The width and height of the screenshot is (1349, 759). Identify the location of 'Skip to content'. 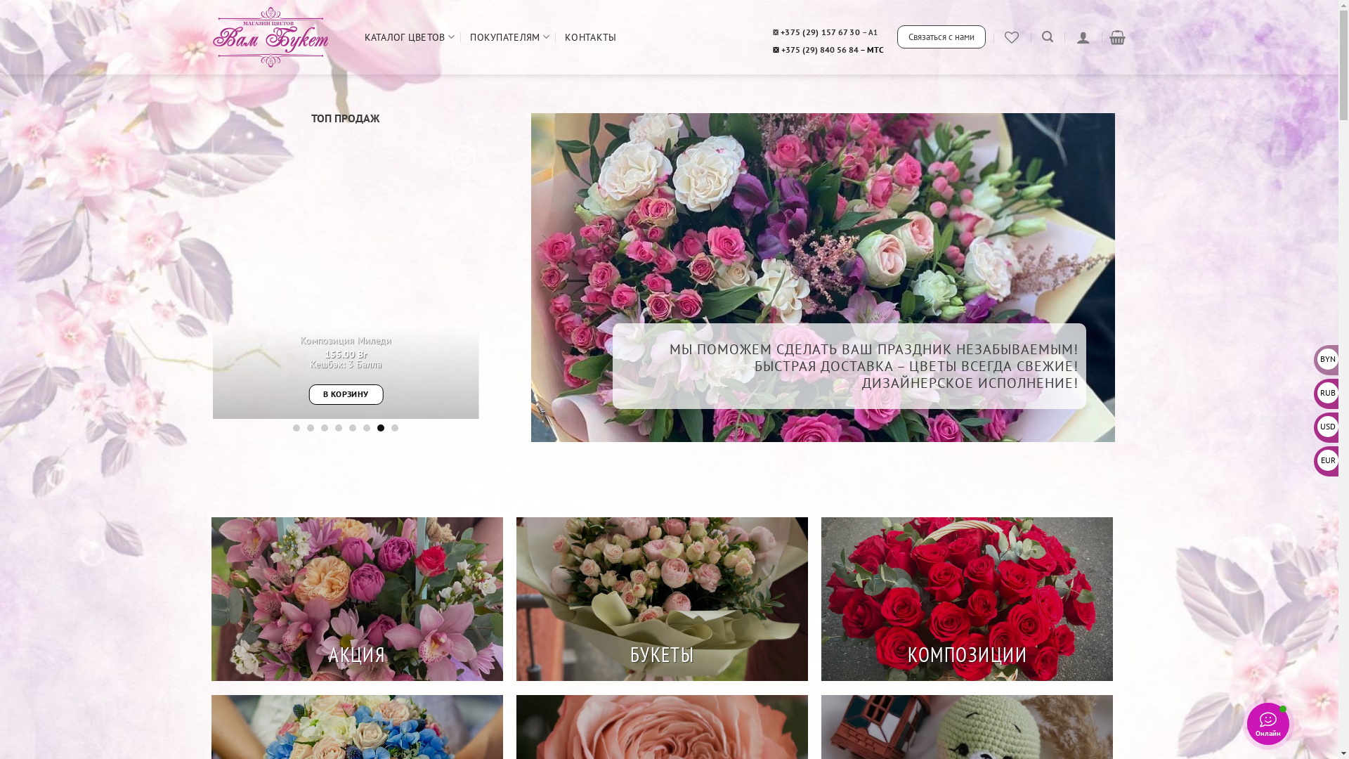
(0, 0).